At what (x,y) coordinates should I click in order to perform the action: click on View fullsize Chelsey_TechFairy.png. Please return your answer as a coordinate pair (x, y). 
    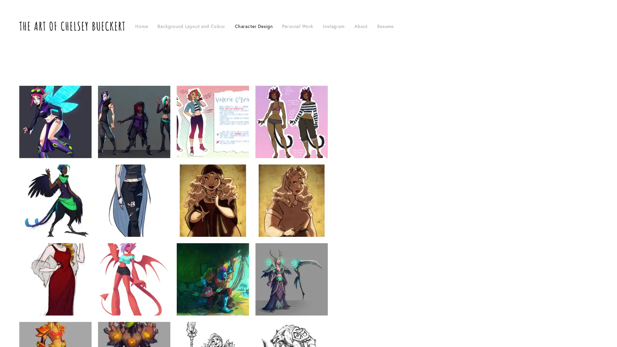
    Looking at the image, I should click on (55, 122).